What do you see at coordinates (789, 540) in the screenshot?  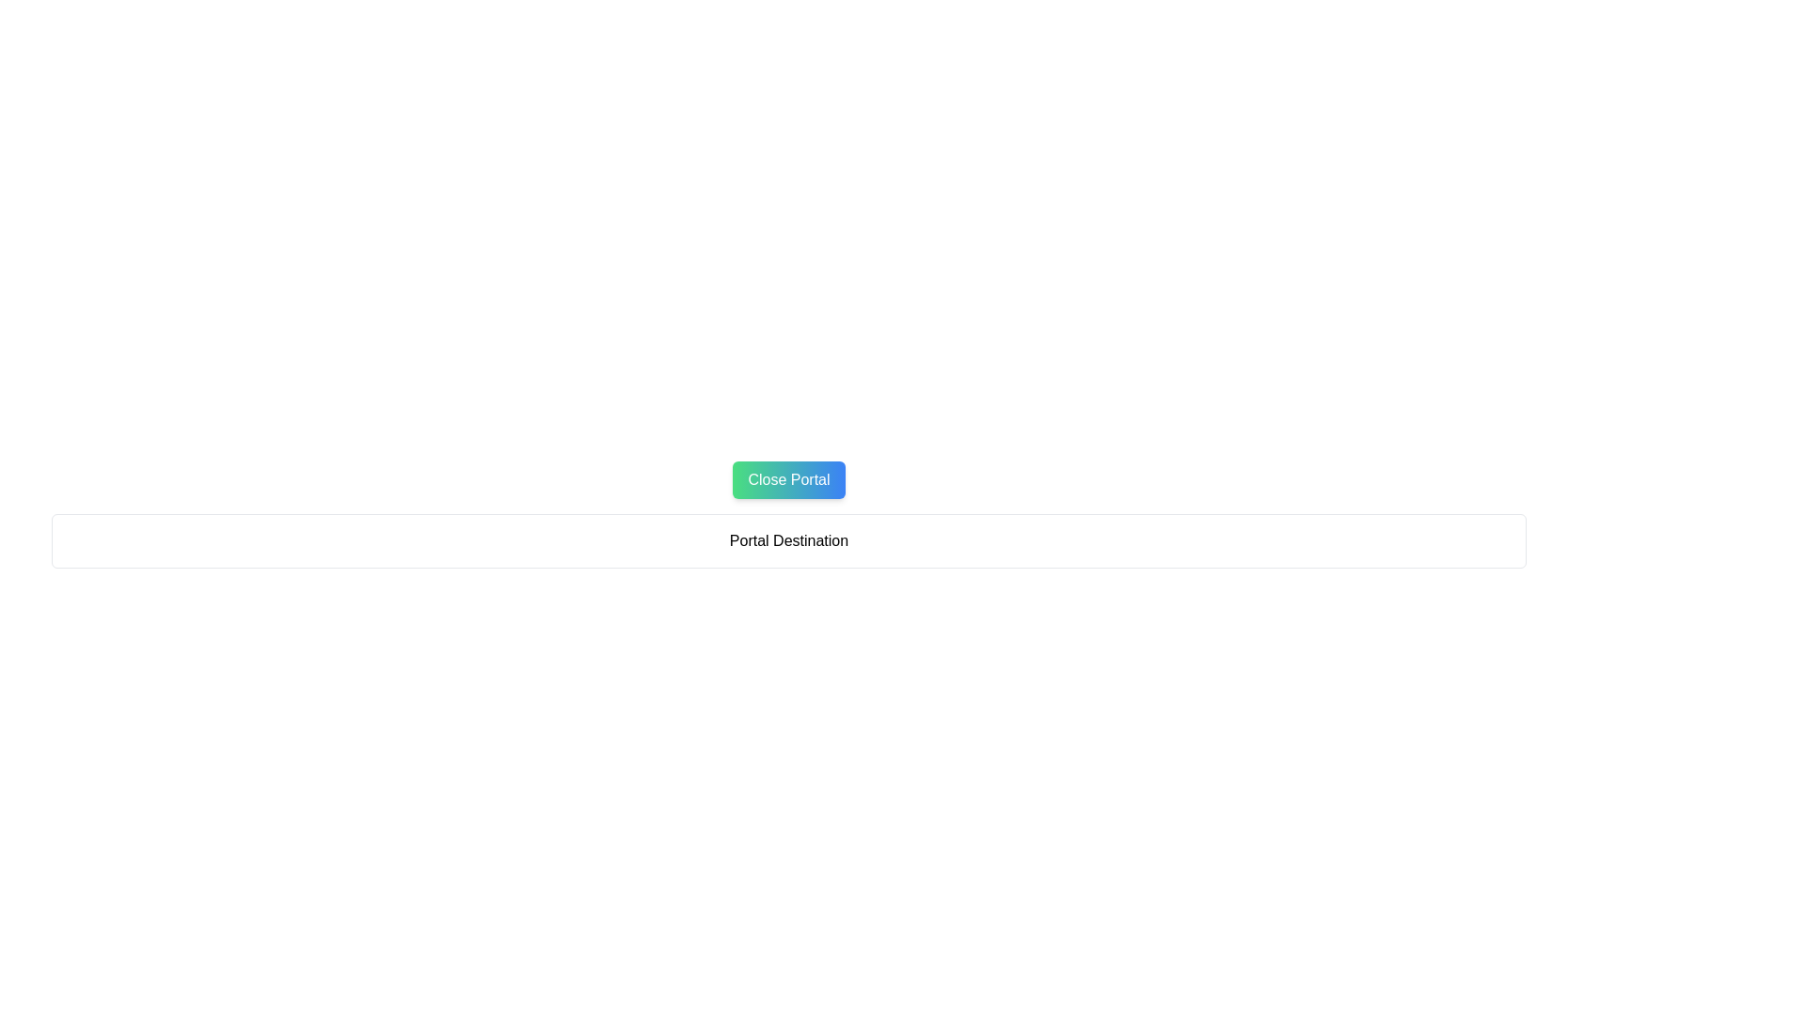 I see `the text label displaying 'Portal Destination', which is centrally aligned and positioned below the 'Close Portal' button` at bounding box center [789, 540].